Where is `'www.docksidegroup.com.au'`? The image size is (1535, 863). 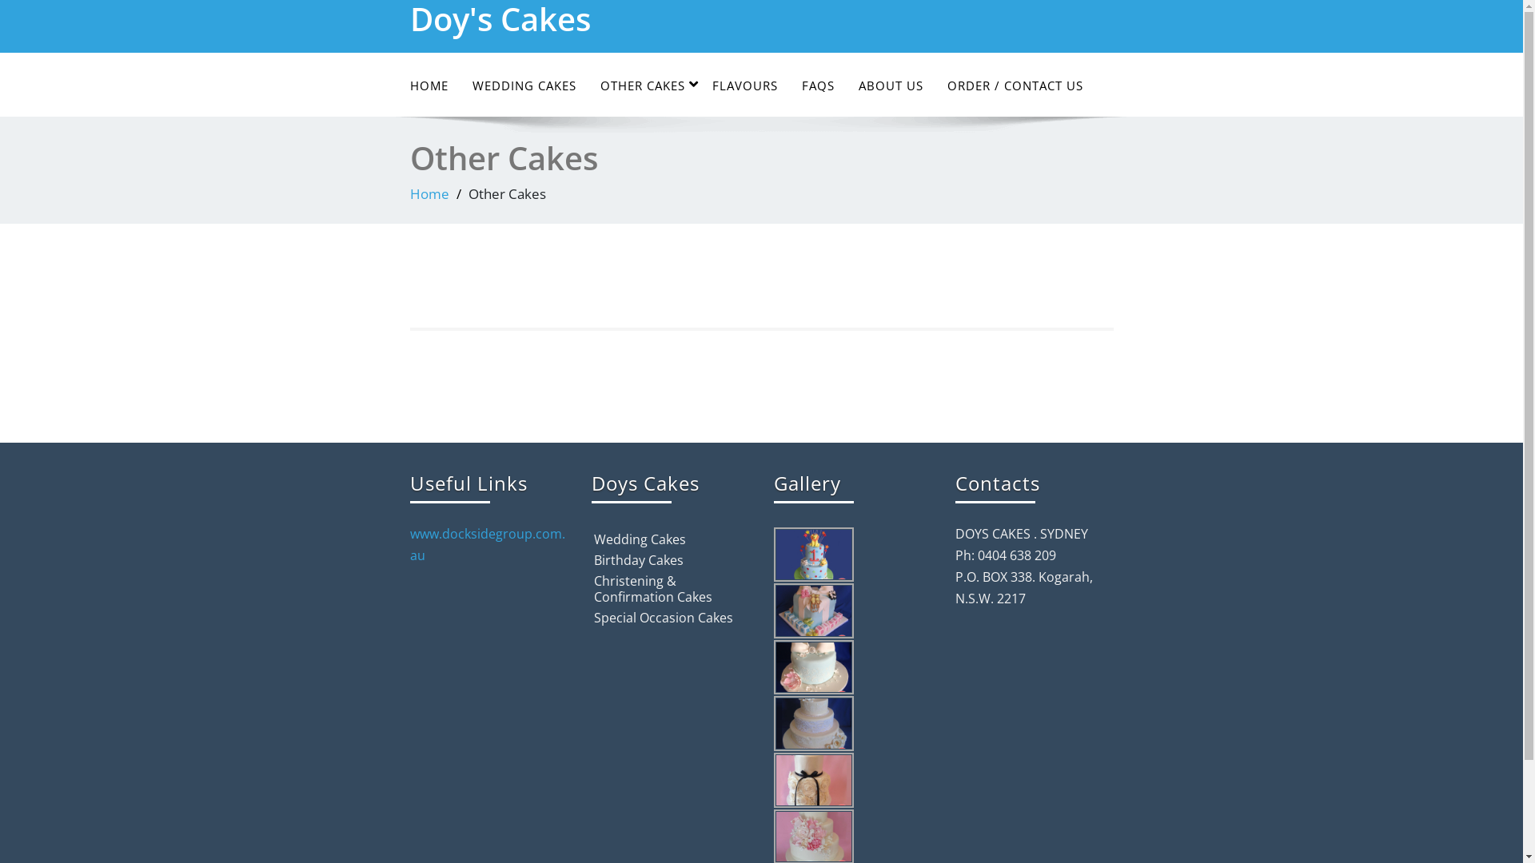 'www.docksidegroup.com.au' is located at coordinates (486, 543).